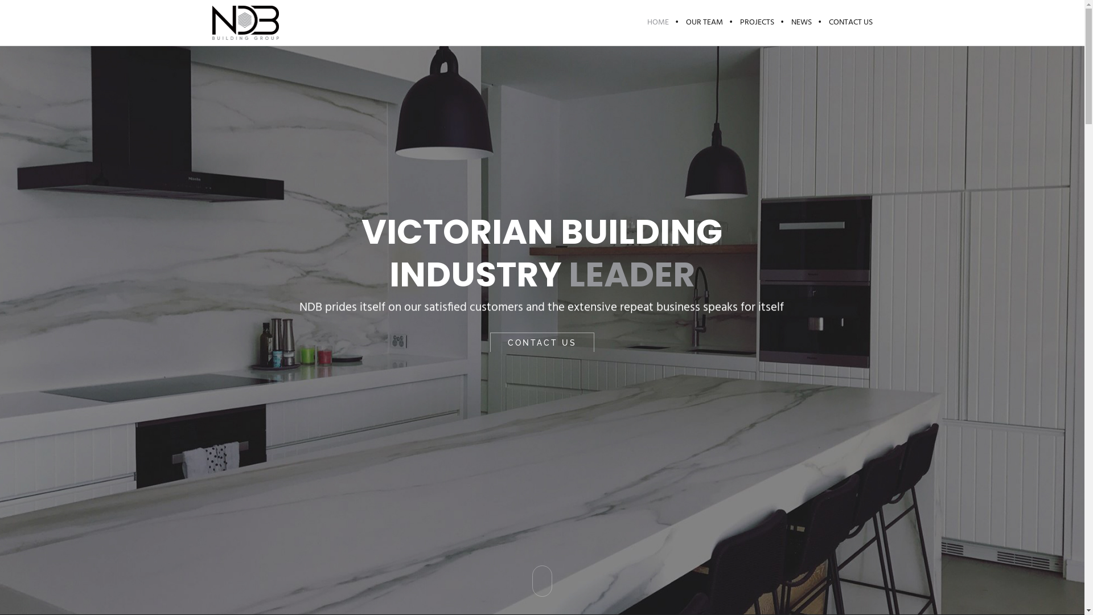 This screenshot has width=1093, height=615. What do you see at coordinates (730, 22) in the screenshot?
I see `'PROJECTS'` at bounding box center [730, 22].